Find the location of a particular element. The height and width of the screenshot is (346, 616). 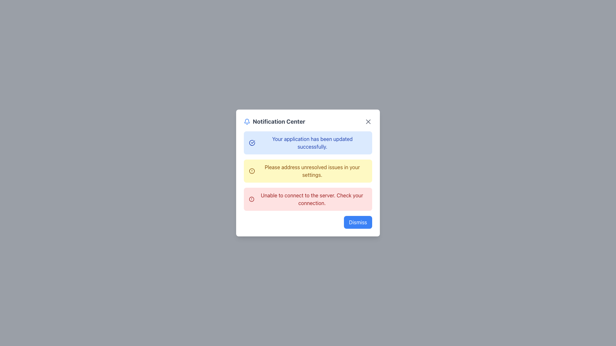

the static notification message with a light blue background and bold blue text stating 'Your application has been updated successfully.' located at the top of the Notification Center is located at coordinates (308, 143).